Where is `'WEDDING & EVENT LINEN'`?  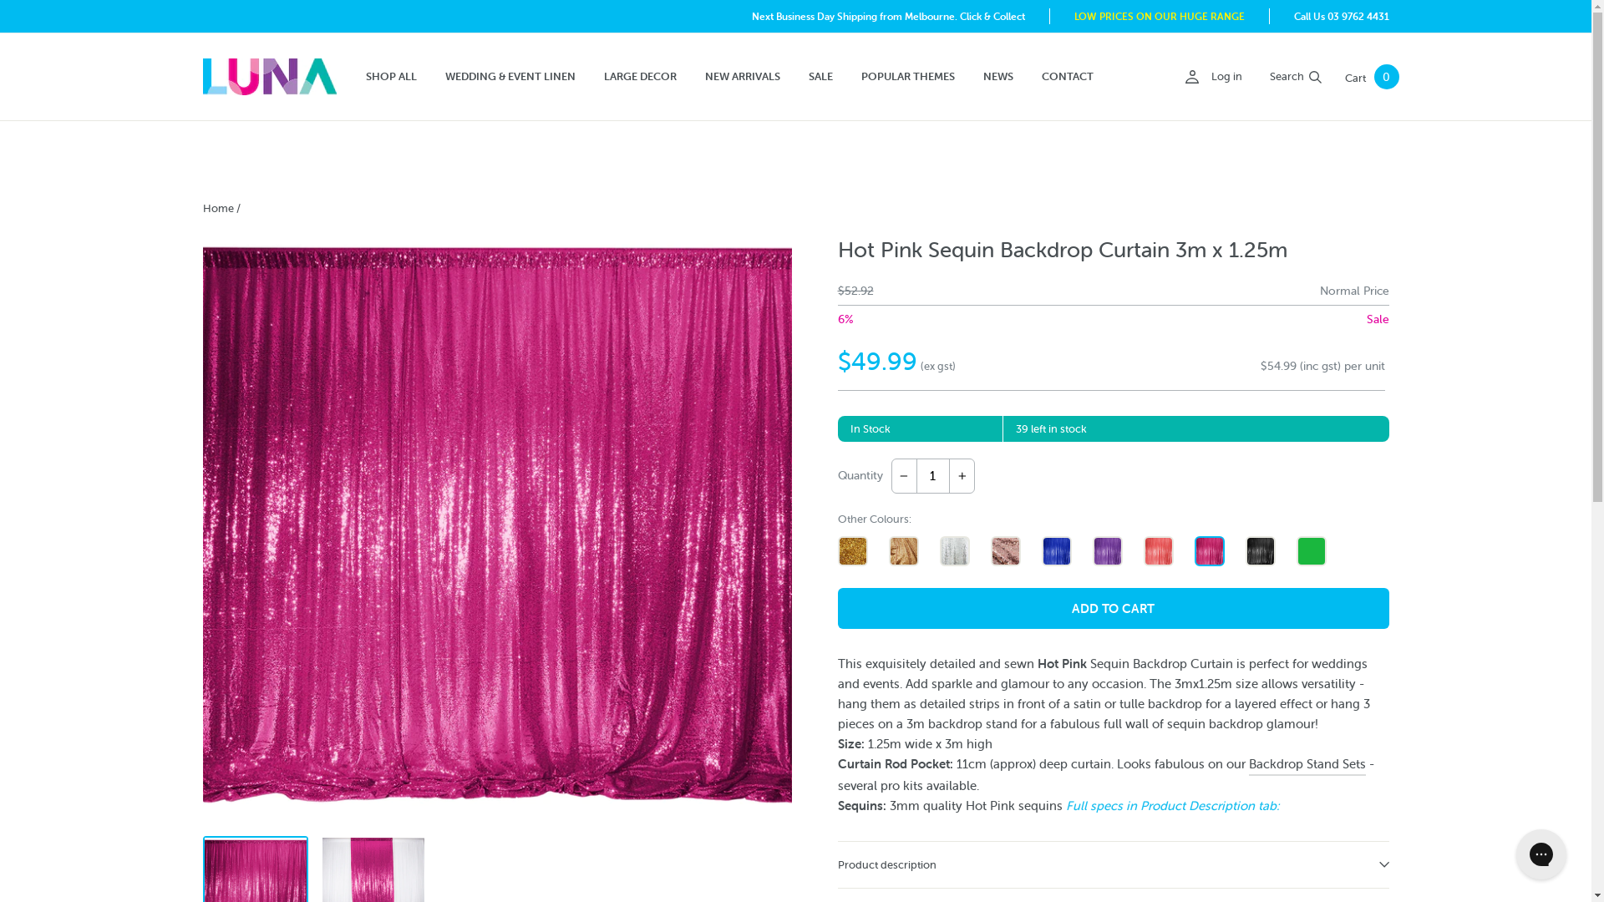
'WEDDING & EVENT LINEN' is located at coordinates (509, 77).